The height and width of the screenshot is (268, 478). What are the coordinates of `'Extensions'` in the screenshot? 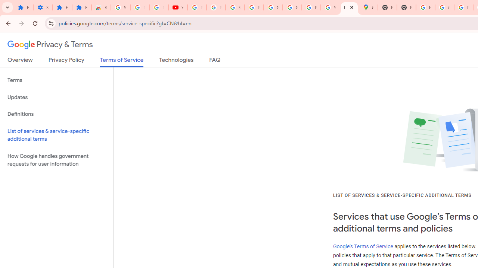 It's located at (62, 7).